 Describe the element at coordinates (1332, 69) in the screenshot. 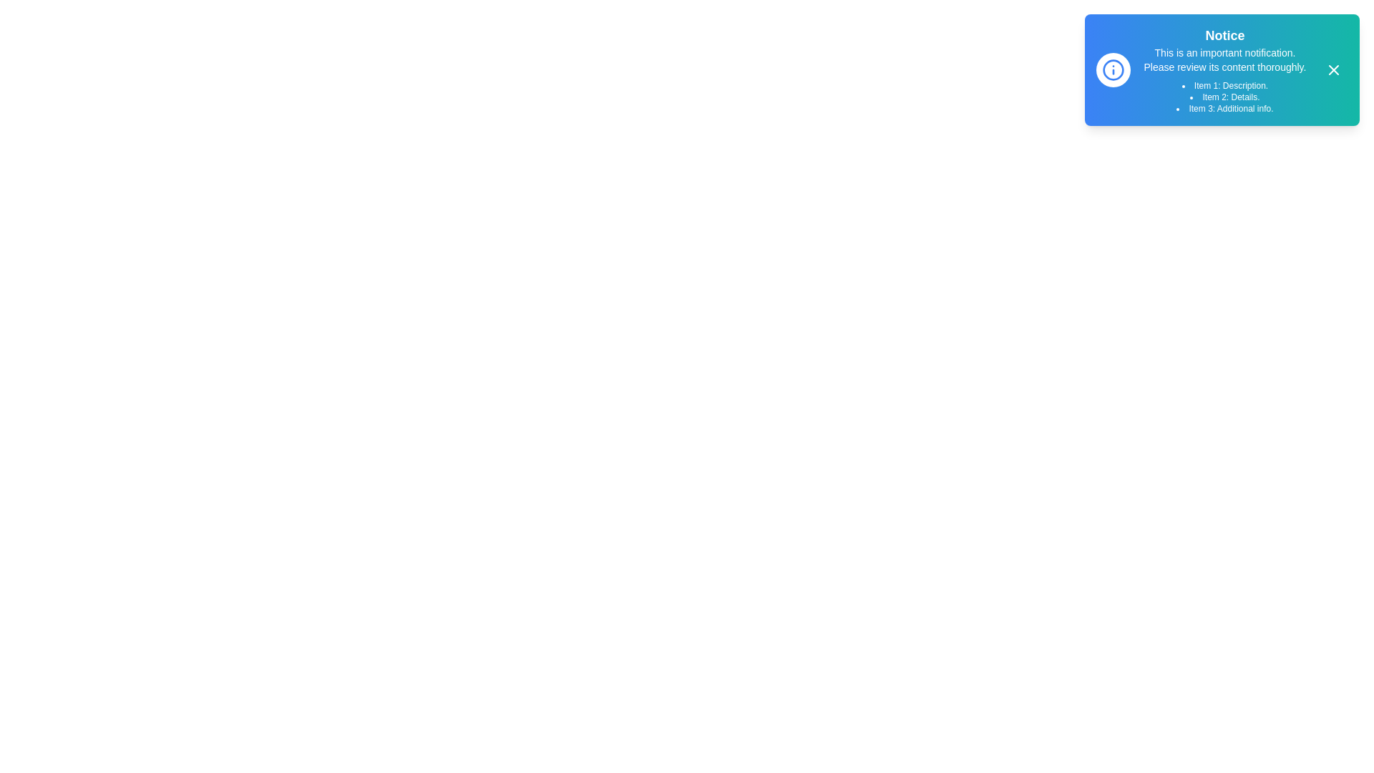

I see `the close button of the notification to dismiss it` at that location.